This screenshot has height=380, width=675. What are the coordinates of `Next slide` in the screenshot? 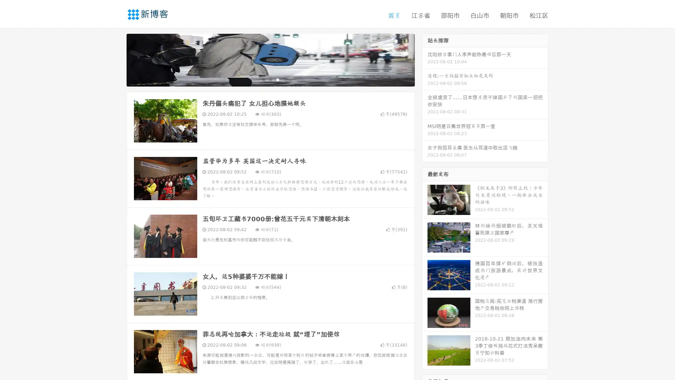 It's located at (425, 59).